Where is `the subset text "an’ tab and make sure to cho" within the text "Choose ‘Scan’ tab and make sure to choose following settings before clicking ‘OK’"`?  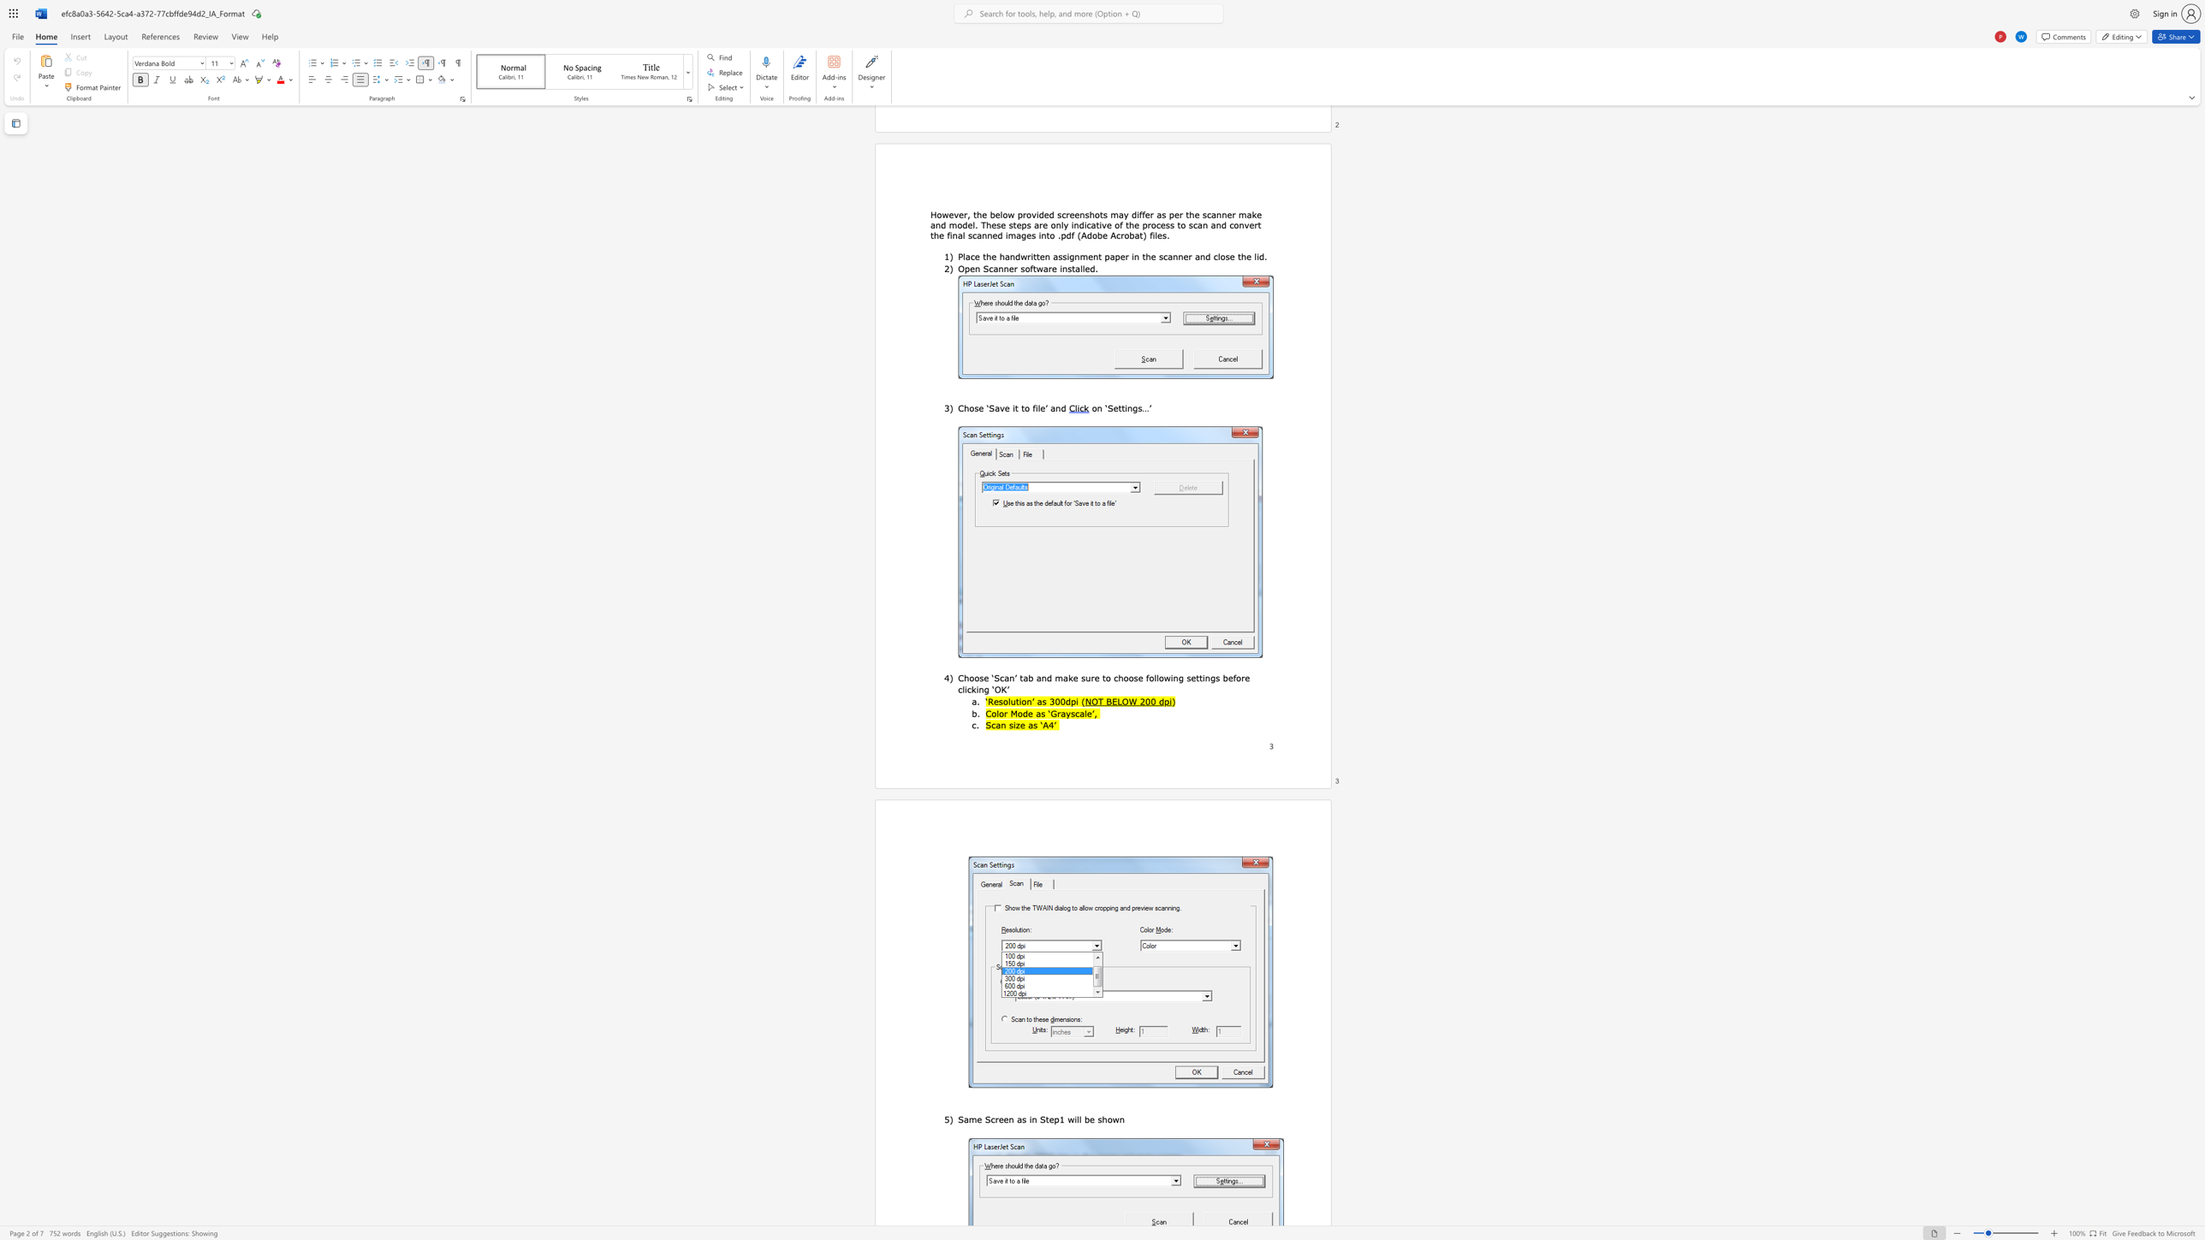 the subset text "an’ tab and make sure to cho" within the text "Choose ‘Scan’ tab and make sure to choose following settings before clicking ‘OK’" is located at coordinates (1003, 677).